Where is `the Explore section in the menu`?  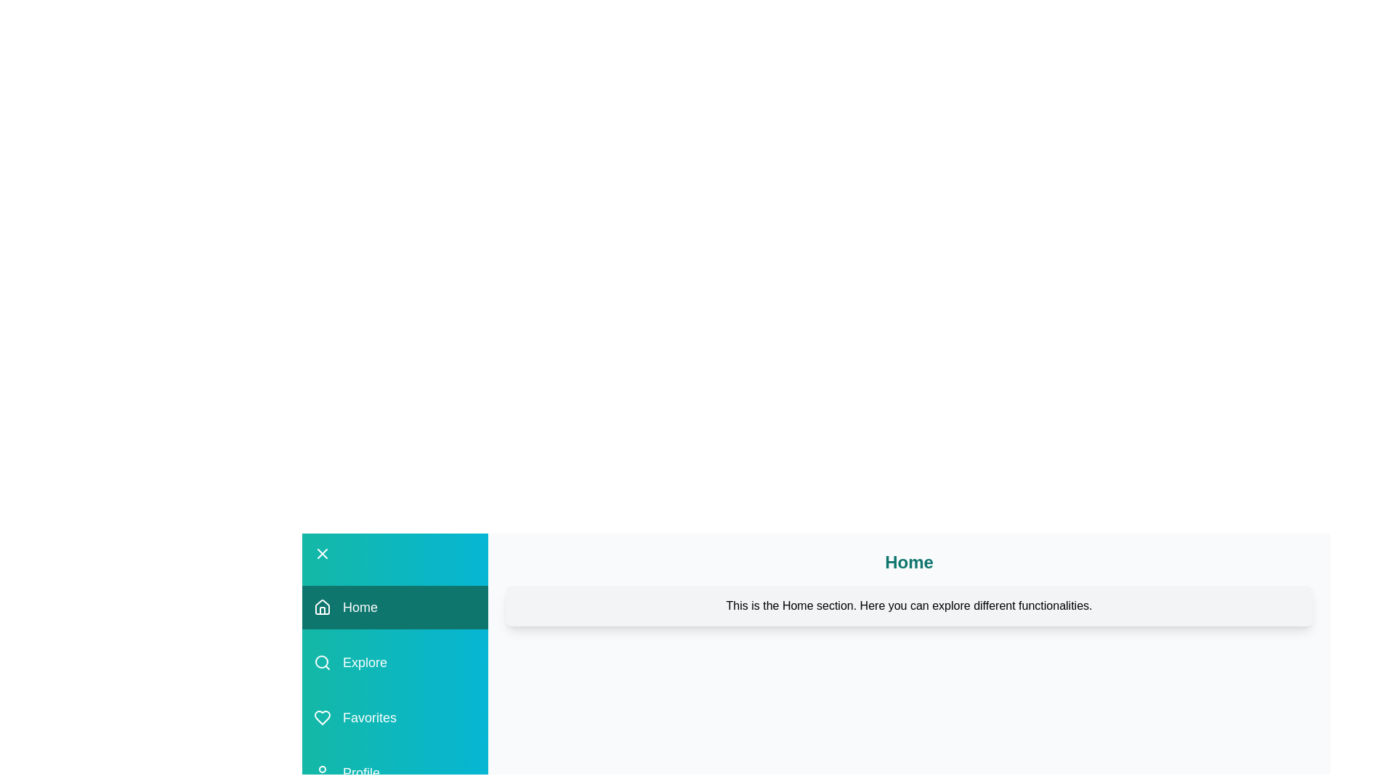
the Explore section in the menu is located at coordinates (395, 663).